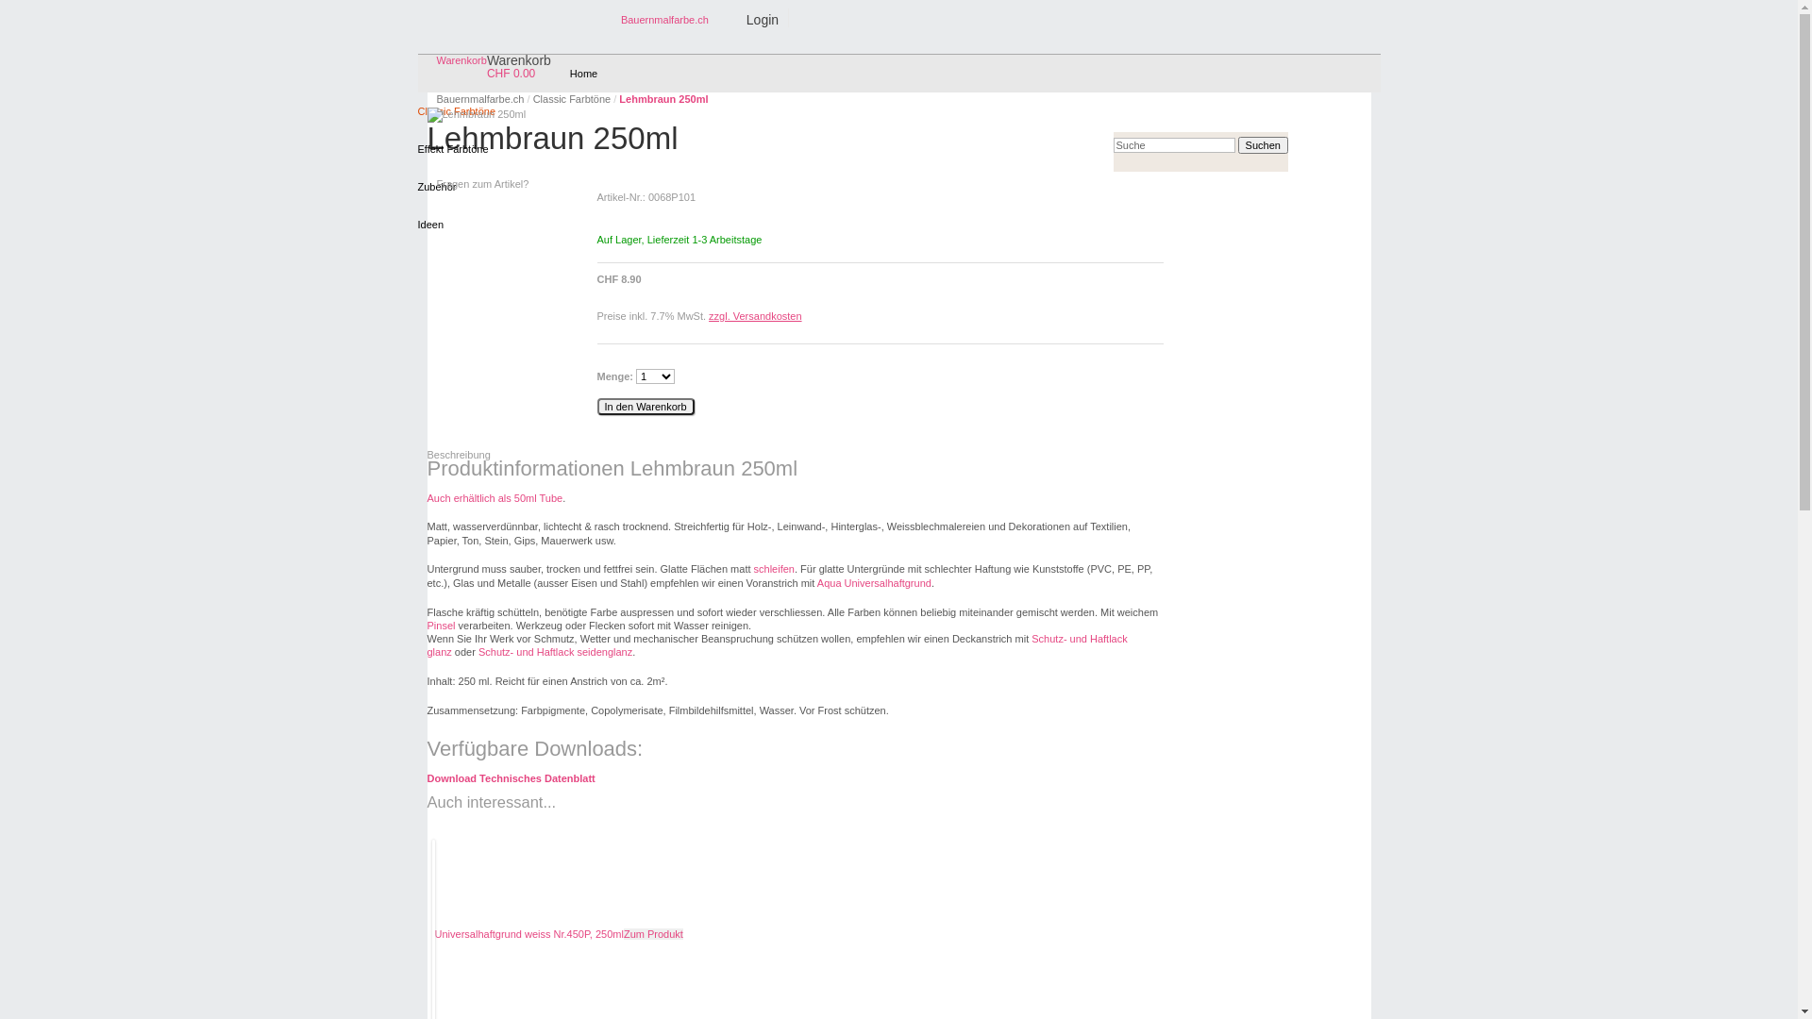 The height and width of the screenshot is (1019, 1812). Describe the element at coordinates (582, 72) in the screenshot. I see `'Home'` at that location.